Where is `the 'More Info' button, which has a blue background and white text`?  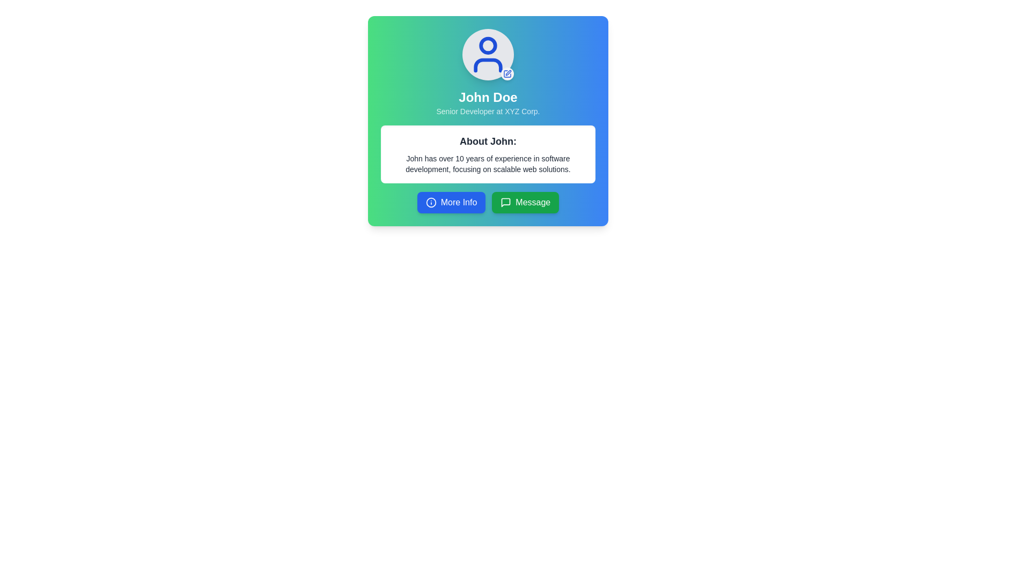 the 'More Info' button, which has a blue background and white text is located at coordinates (451, 203).